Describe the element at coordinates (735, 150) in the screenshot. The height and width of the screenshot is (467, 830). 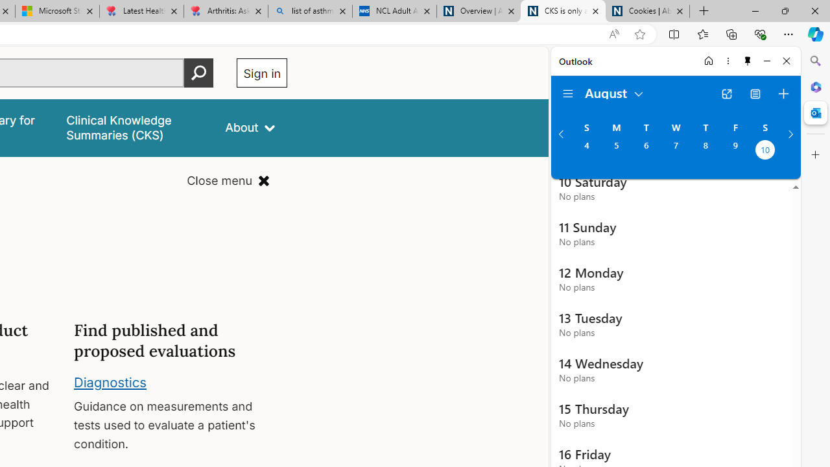
I see `'Friday, August 9, 2024. '` at that location.